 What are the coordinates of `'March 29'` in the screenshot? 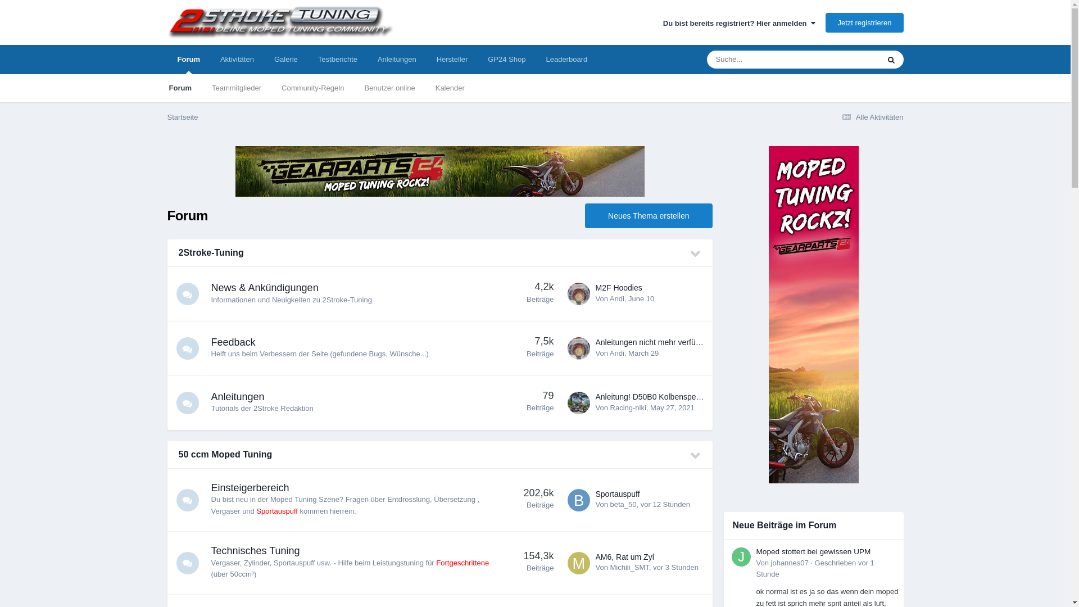 It's located at (643, 352).